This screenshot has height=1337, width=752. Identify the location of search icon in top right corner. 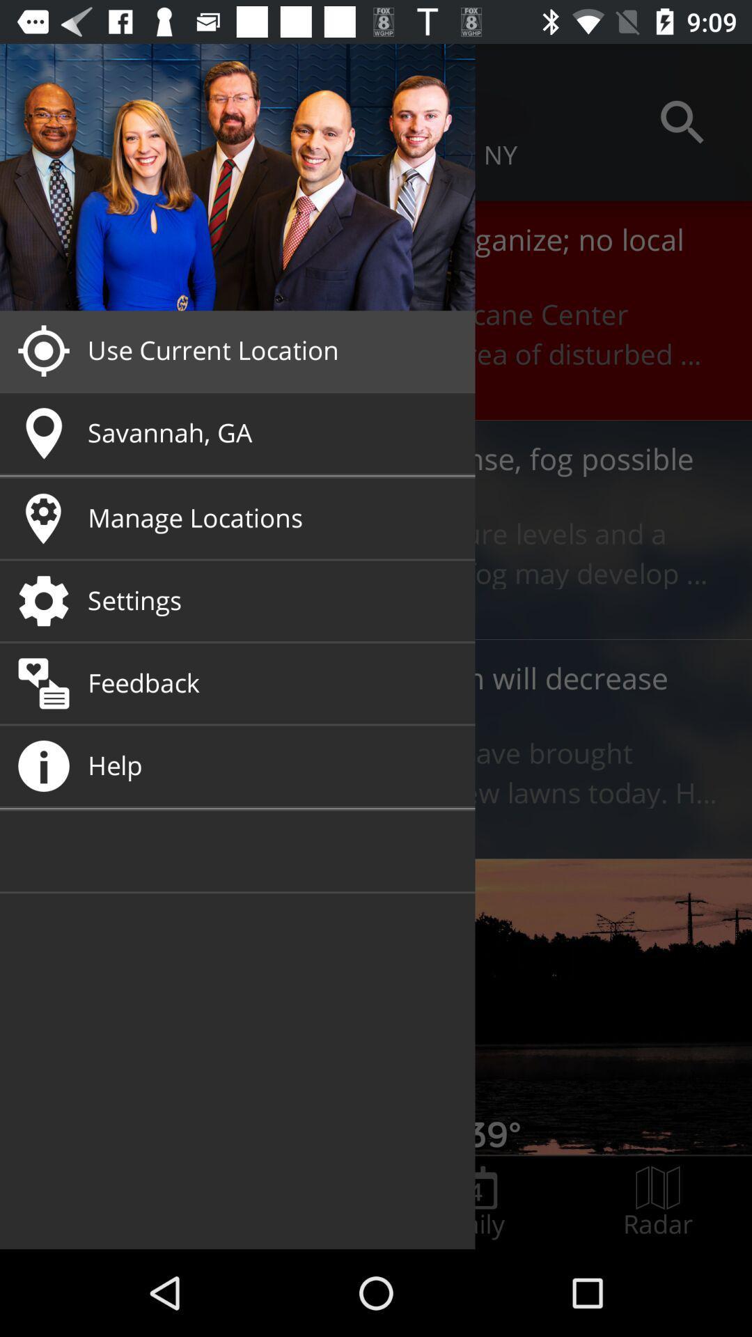
(682, 122).